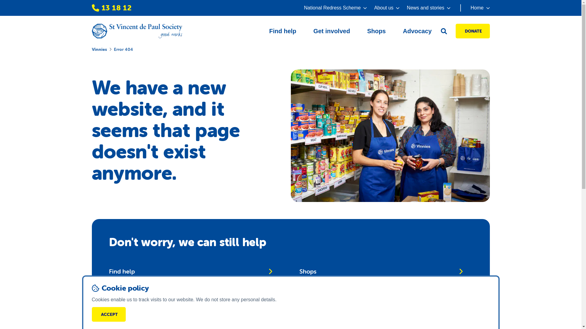  Describe the element at coordinates (108, 314) in the screenshot. I see `'ACCEPT'` at that location.